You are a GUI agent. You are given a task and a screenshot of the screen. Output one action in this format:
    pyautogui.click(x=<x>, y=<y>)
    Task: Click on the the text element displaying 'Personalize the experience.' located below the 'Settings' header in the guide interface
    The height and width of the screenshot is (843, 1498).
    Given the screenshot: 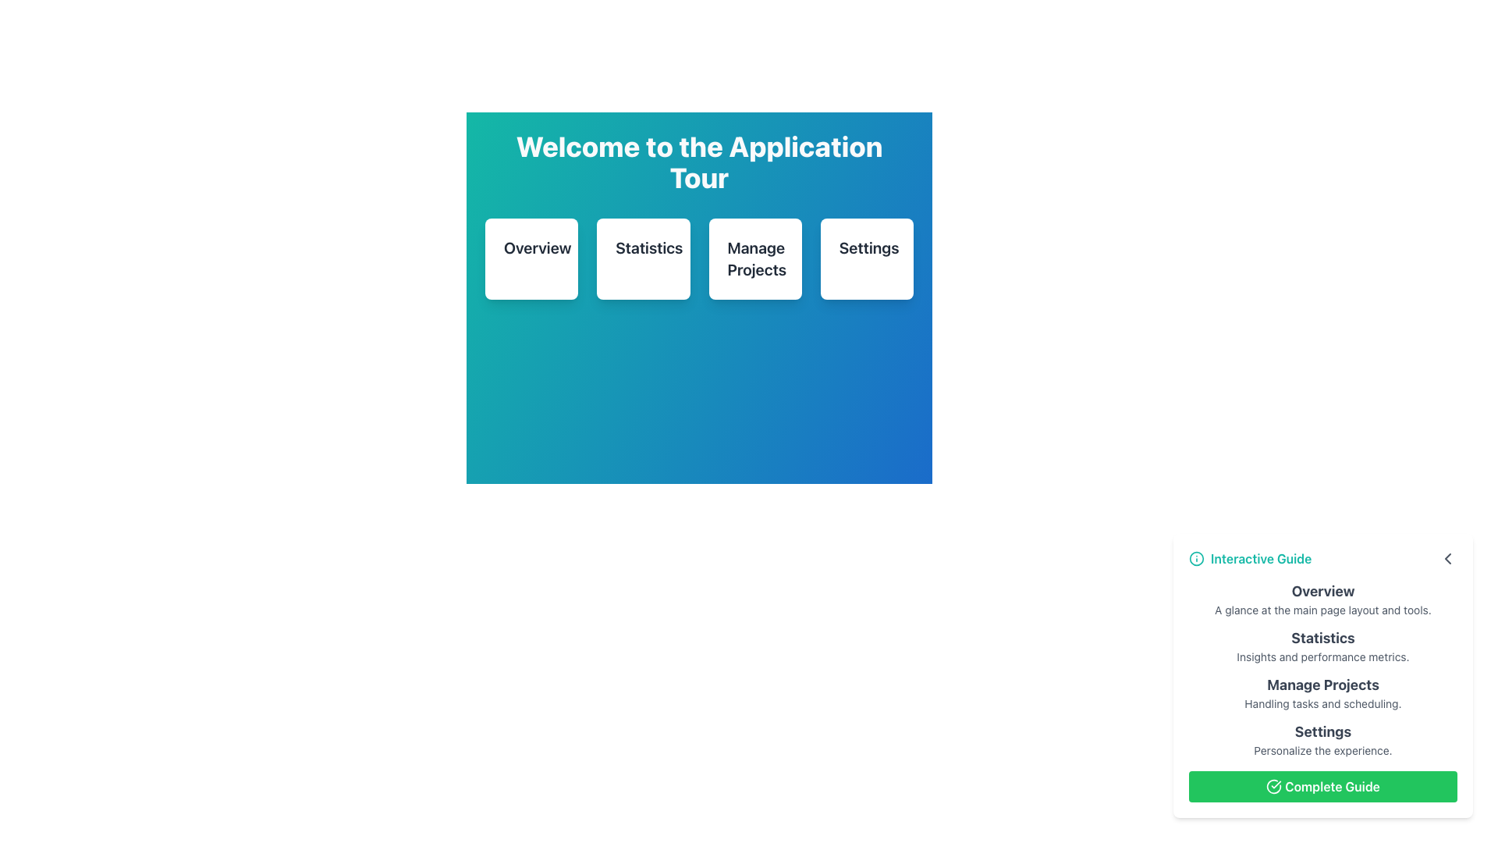 What is the action you would take?
    pyautogui.click(x=1322, y=749)
    